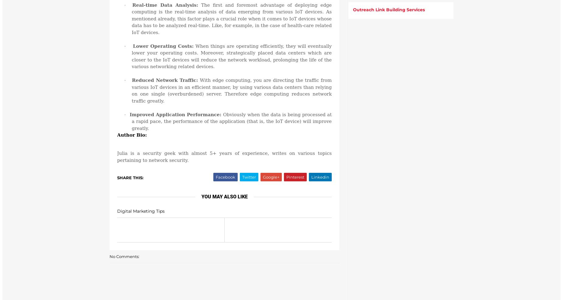 This screenshot has width=563, height=300. What do you see at coordinates (232, 56) in the screenshot?
I see `'When things
are operating efficiently, they will eventually lower your operating costs.
Moreover, strategically placed data centers which are closer to the IoT devices
will reduce the network workload, prolonging the life of the various networking
related devices.'` at bounding box center [232, 56].